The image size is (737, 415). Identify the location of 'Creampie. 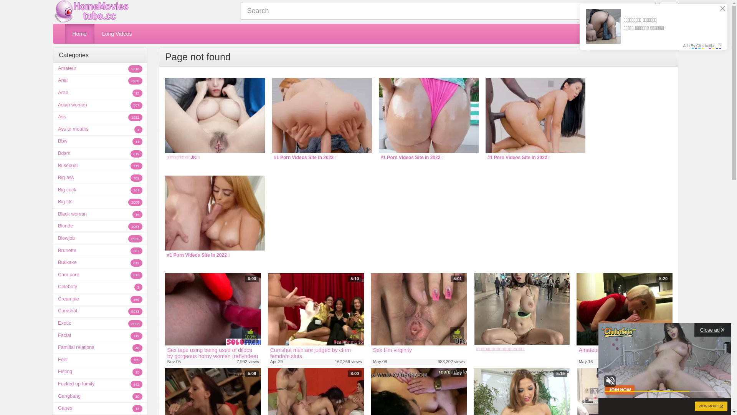
(99, 299).